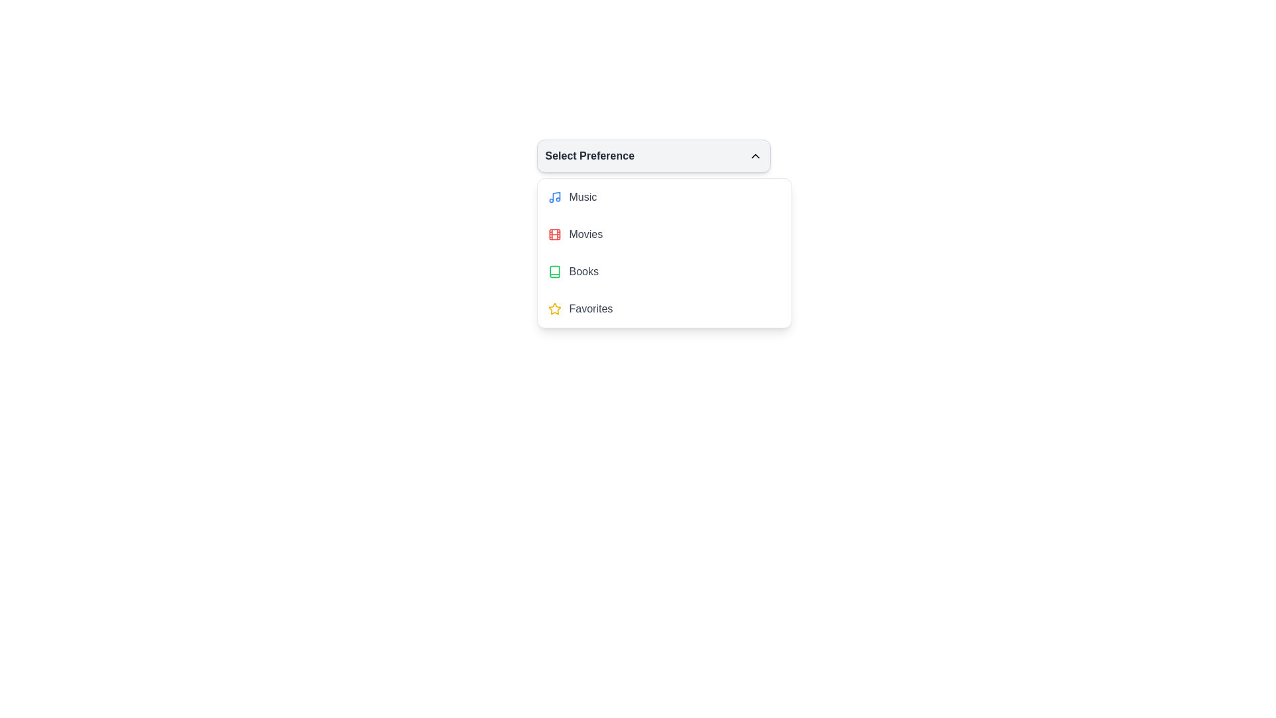 The height and width of the screenshot is (718, 1276). What do you see at coordinates (554, 197) in the screenshot?
I see `the 'Music' icon in the dropdown menu, which visually represents the music option and is located to the left of the 'Music' label` at bounding box center [554, 197].